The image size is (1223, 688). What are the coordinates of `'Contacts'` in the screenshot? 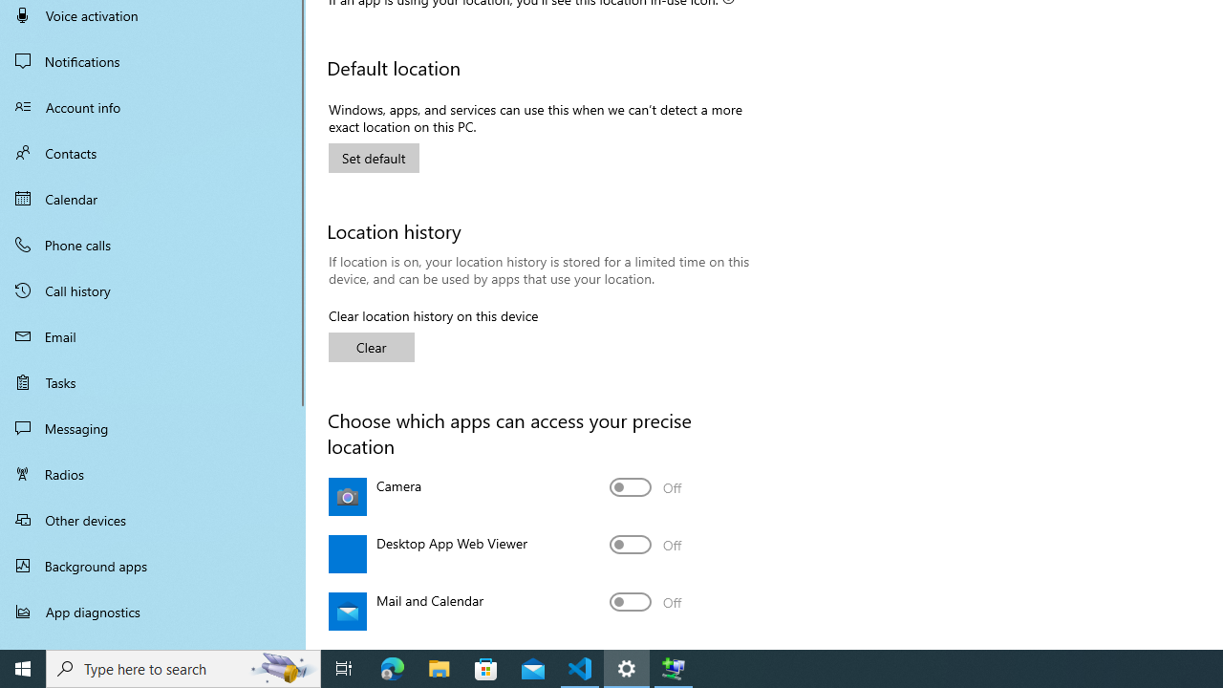 It's located at (153, 152).